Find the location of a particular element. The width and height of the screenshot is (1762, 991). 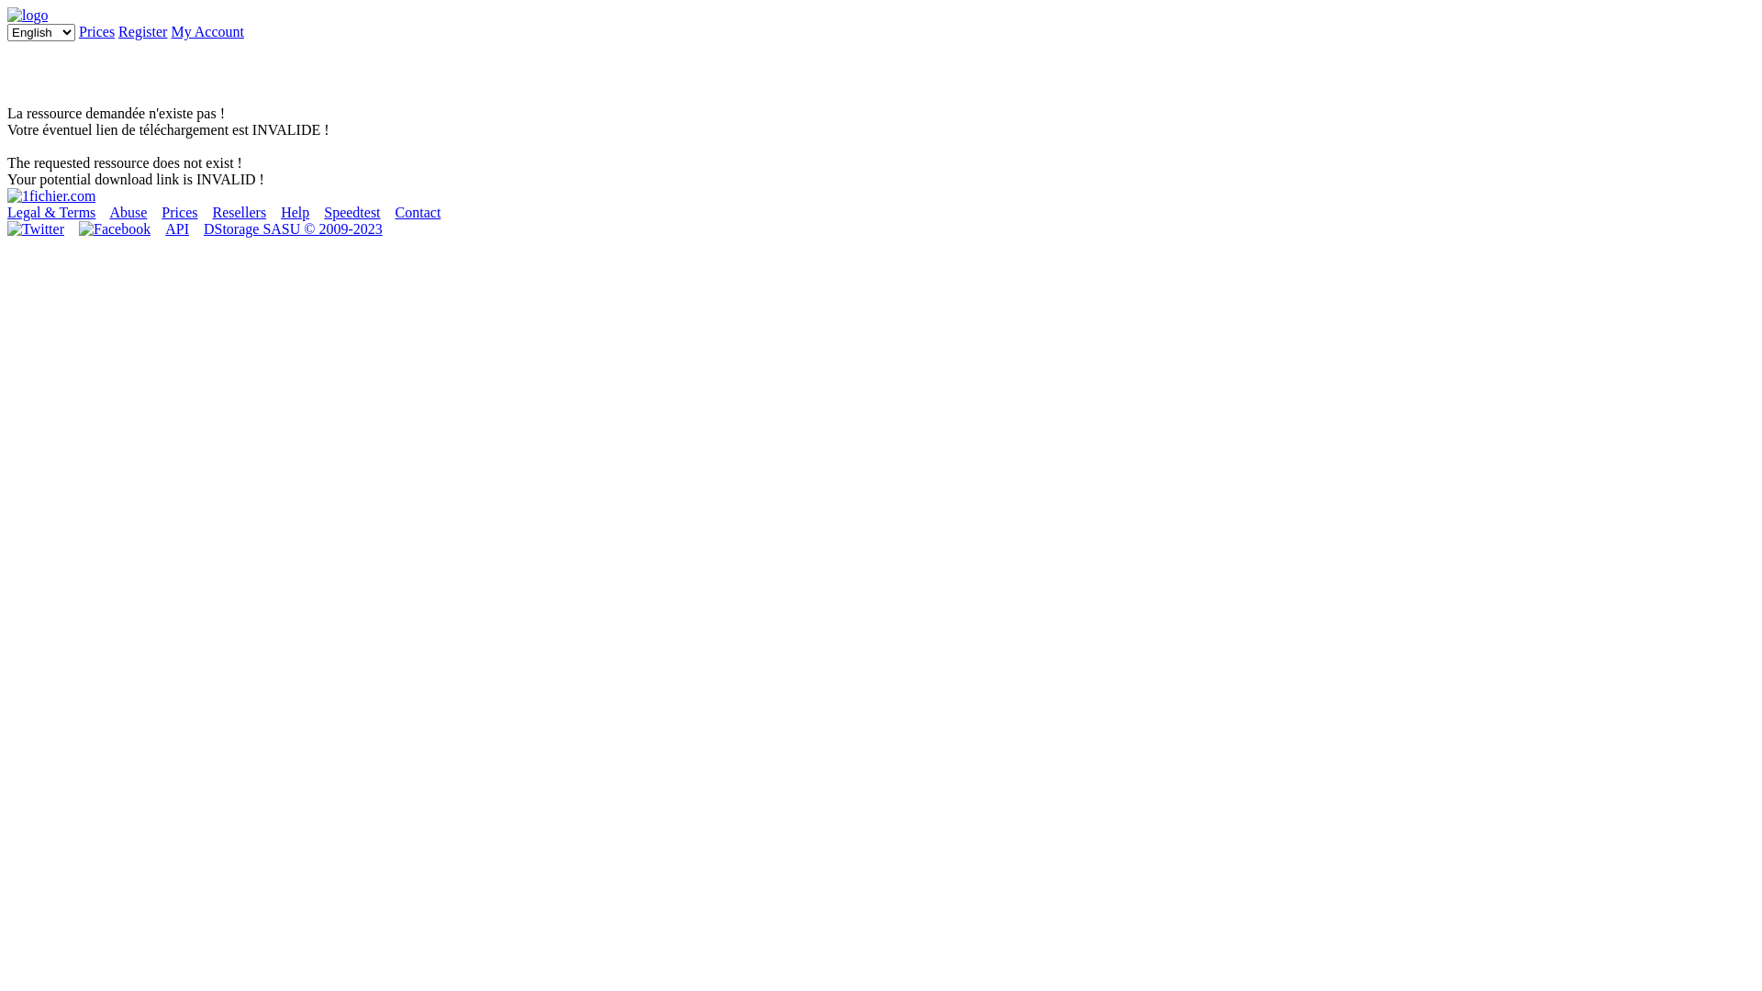

'Legal & Terms' is located at coordinates (51, 211).